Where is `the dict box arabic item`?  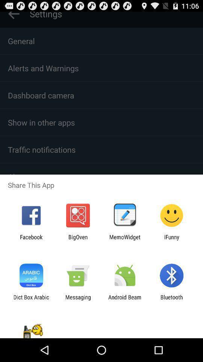 the dict box arabic item is located at coordinates (31, 300).